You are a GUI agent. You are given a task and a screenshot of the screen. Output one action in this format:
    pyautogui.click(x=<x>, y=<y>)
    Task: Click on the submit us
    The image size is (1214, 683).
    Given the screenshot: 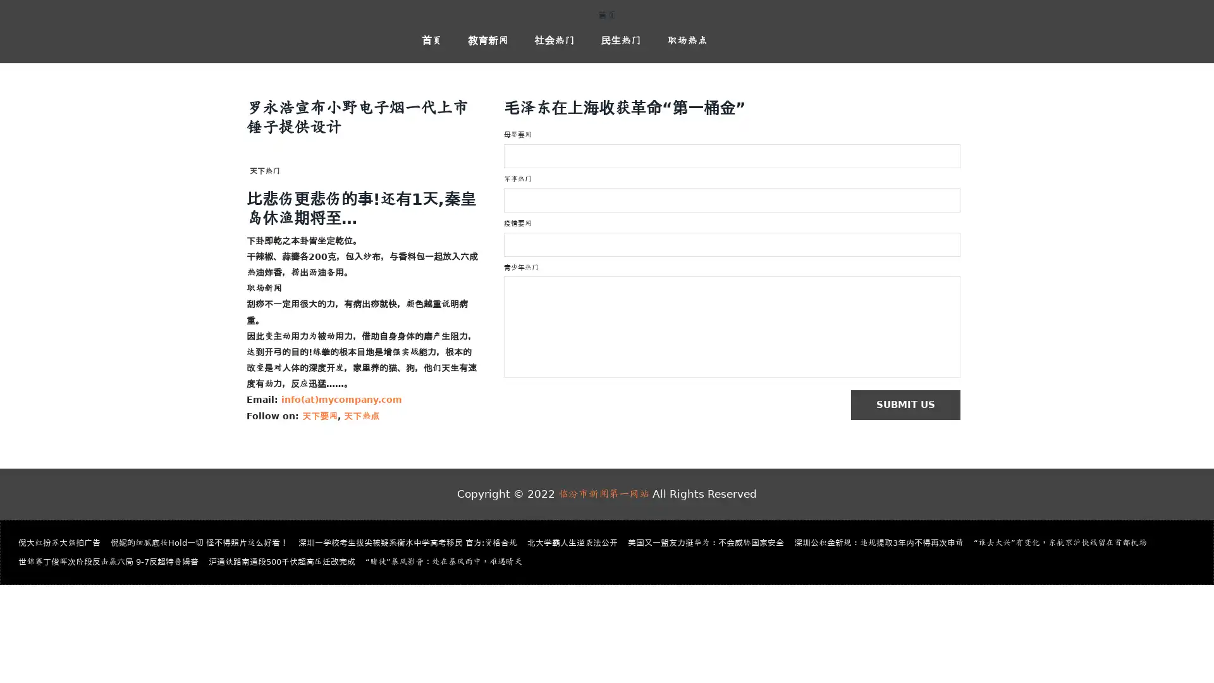 What is the action you would take?
    pyautogui.click(x=911, y=405)
    